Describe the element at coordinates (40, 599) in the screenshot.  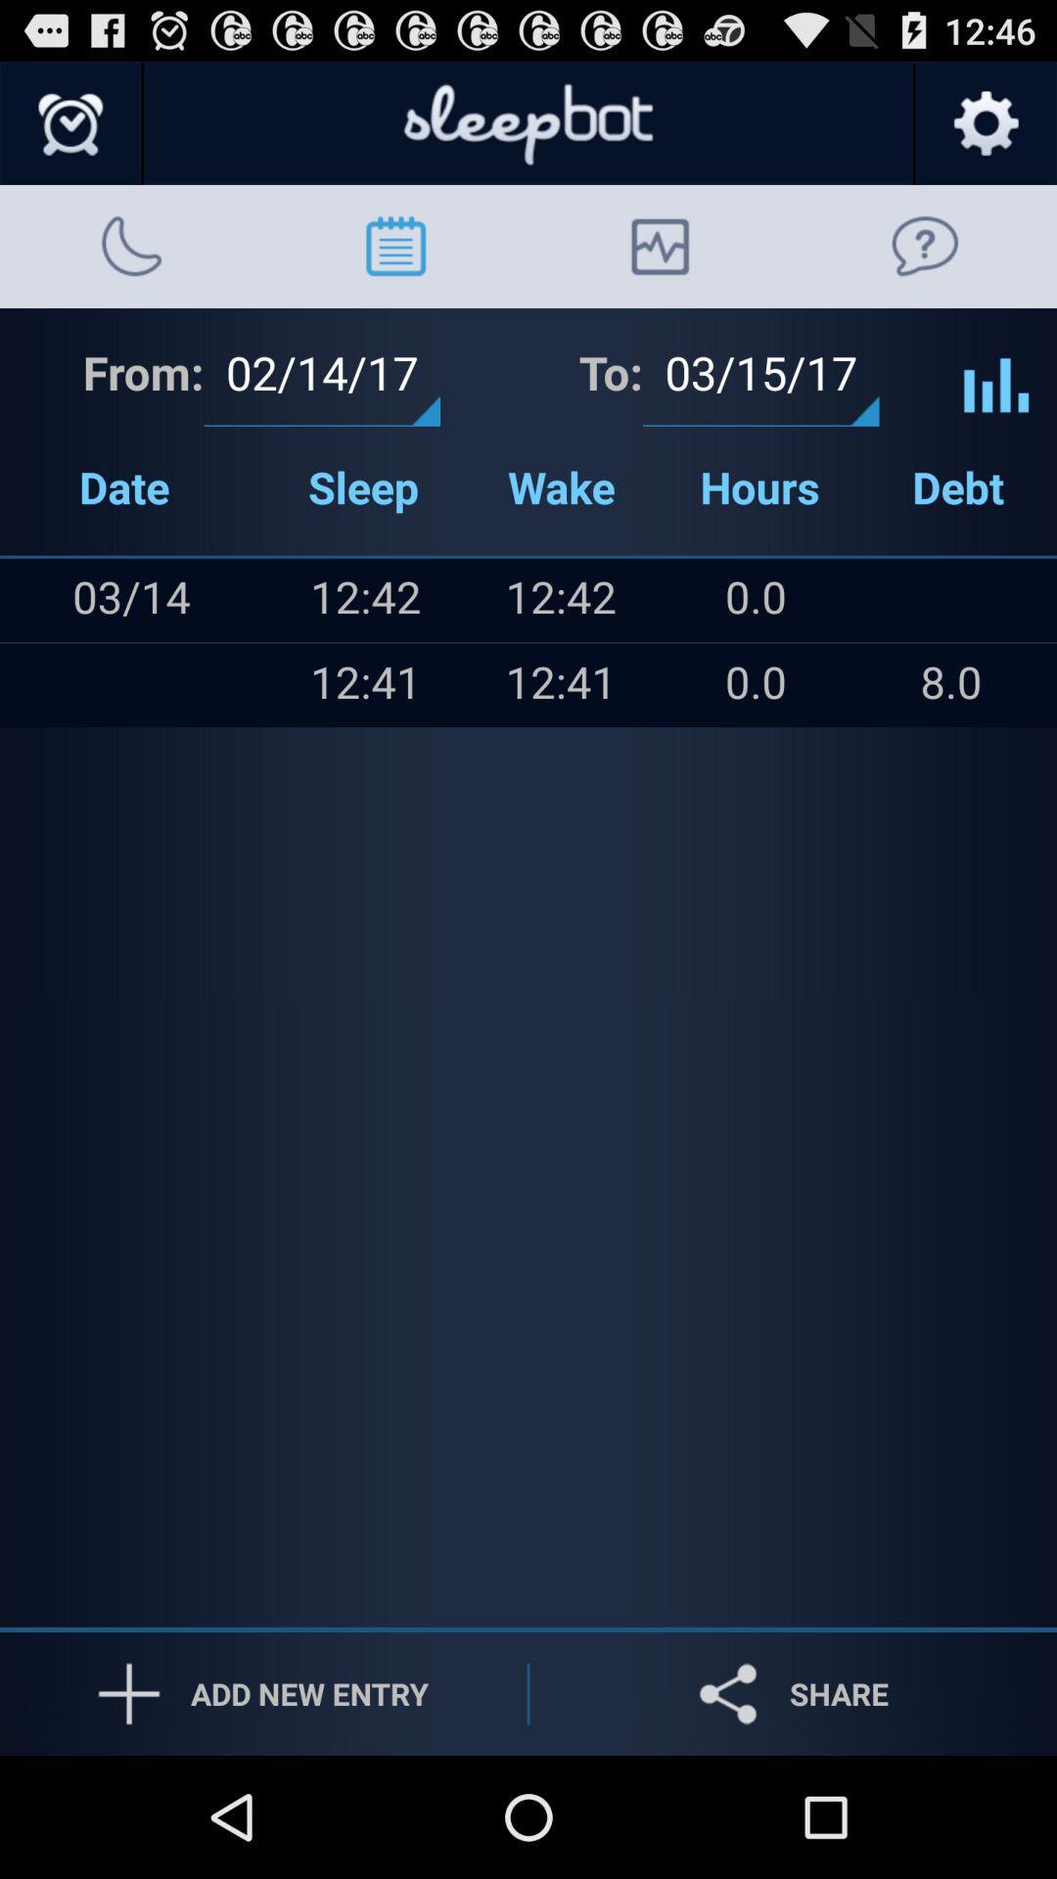
I see `icon` at that location.